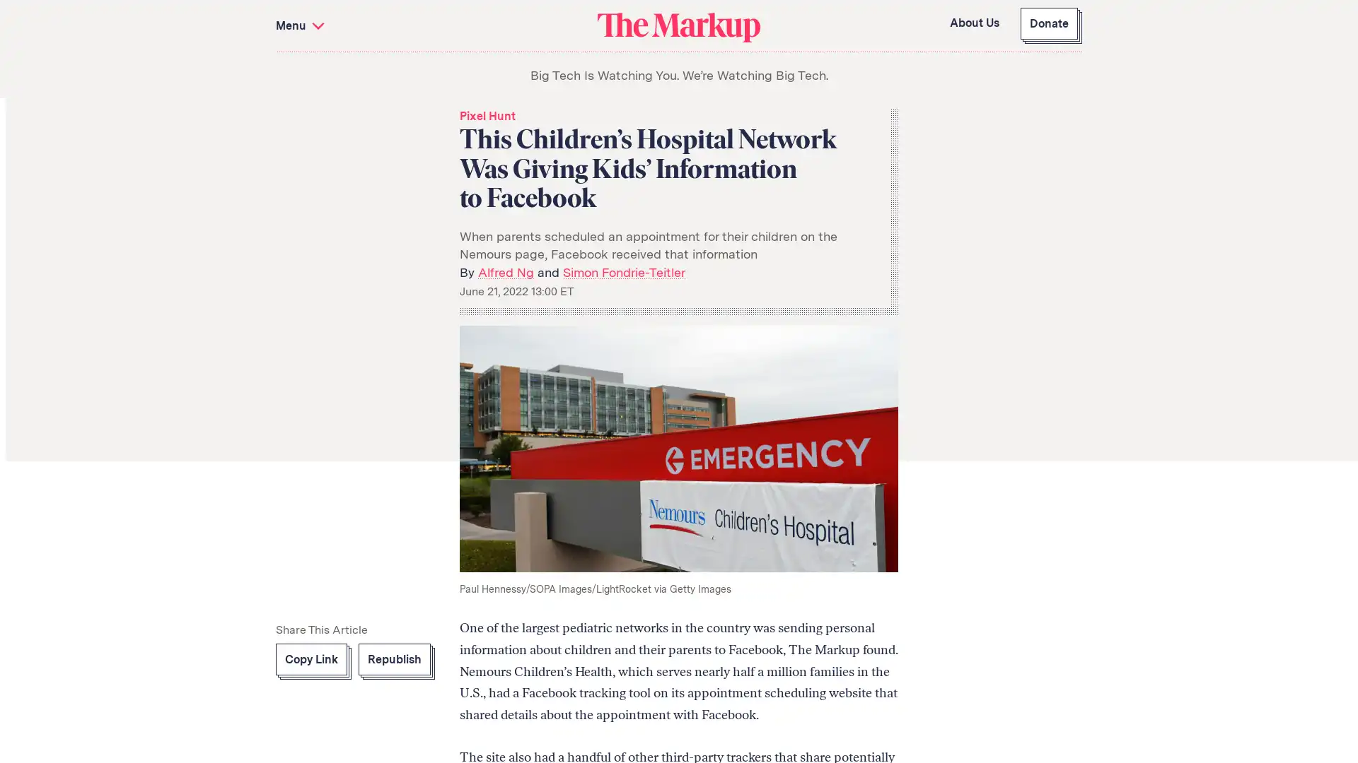 The height and width of the screenshot is (763, 1358). Describe the element at coordinates (552, 128) in the screenshot. I see `Submit` at that location.